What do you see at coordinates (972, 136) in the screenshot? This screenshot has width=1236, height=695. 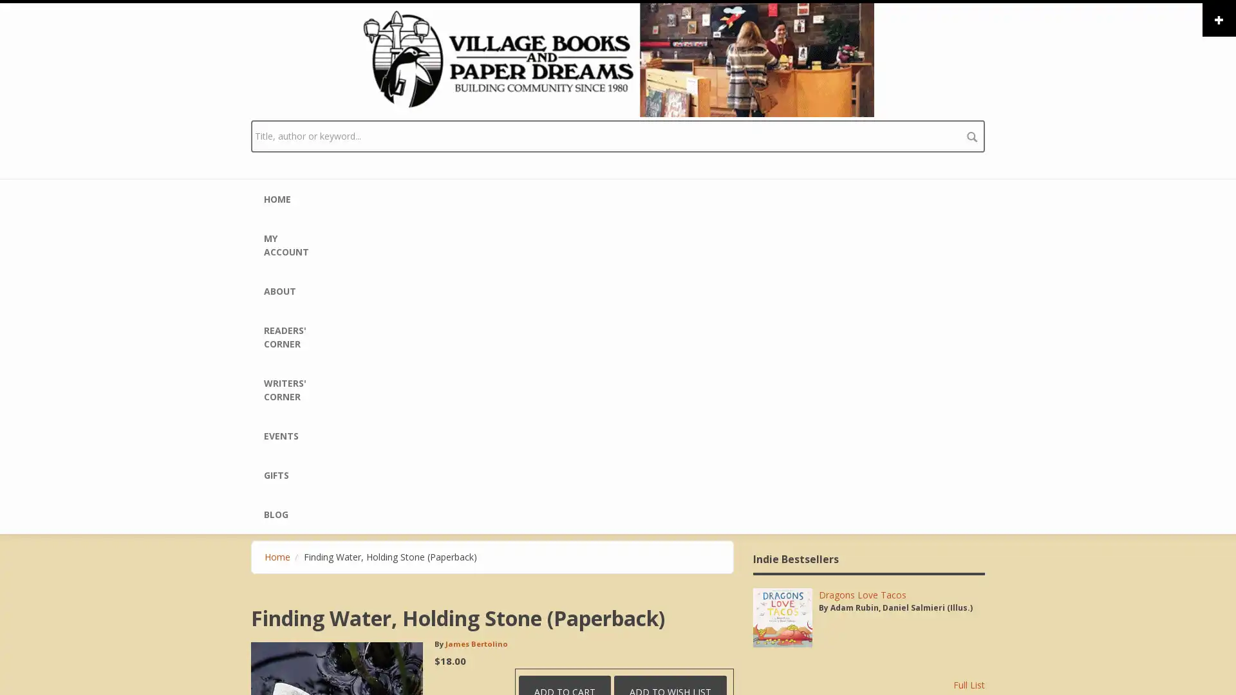 I see `search` at bounding box center [972, 136].